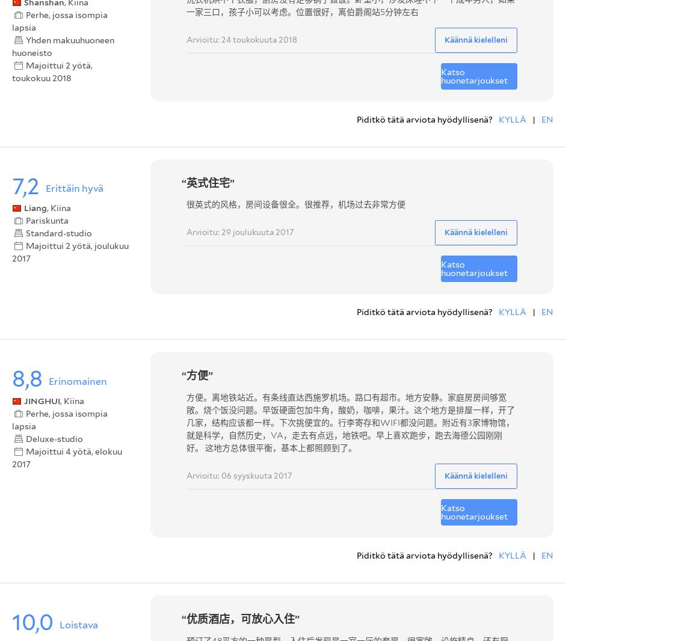 Image resolution: width=681 pixels, height=641 pixels. I want to click on 'Majoittui 2 yötä, toukokuu 2018', so click(11, 71).